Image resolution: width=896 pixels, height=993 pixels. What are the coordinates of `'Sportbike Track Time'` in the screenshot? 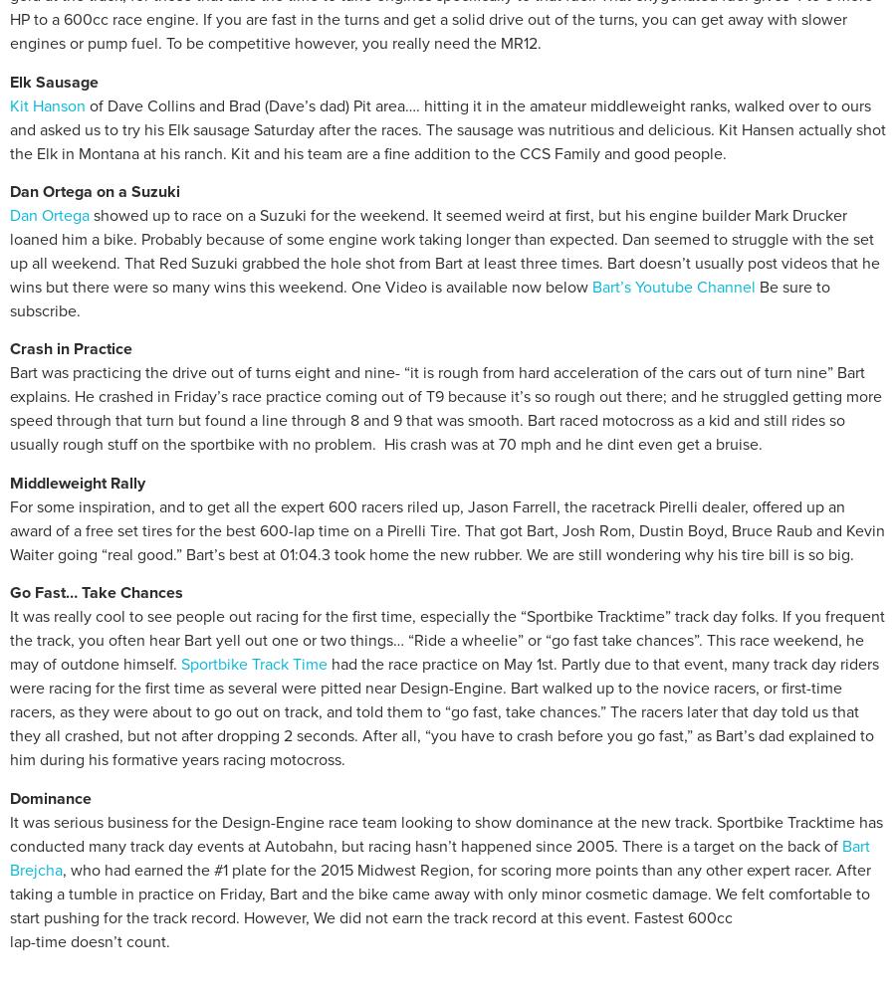 It's located at (180, 663).